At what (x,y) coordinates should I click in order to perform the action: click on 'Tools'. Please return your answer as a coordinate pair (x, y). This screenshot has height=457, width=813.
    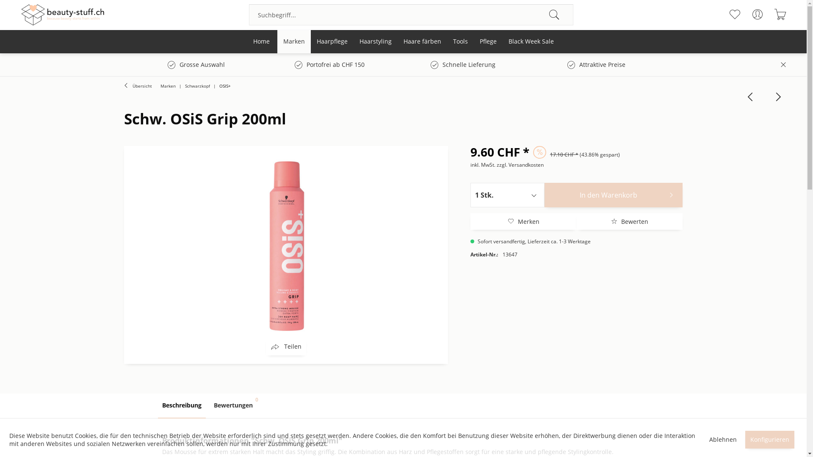
    Looking at the image, I should click on (447, 41).